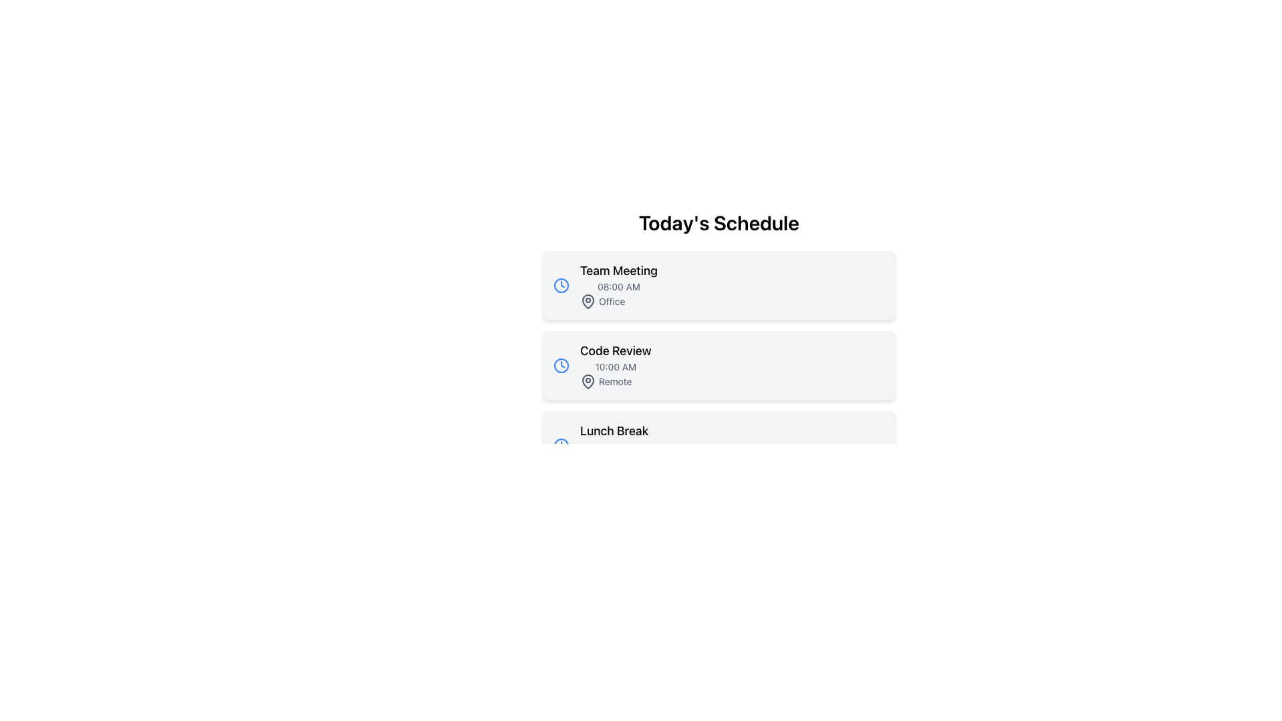 The image size is (1282, 721). What do you see at coordinates (561, 445) in the screenshot?
I see `the small blue clock icon located at the leftmost side of the 'Lunch Break' text block, which is part of the third vertical event block` at bounding box center [561, 445].